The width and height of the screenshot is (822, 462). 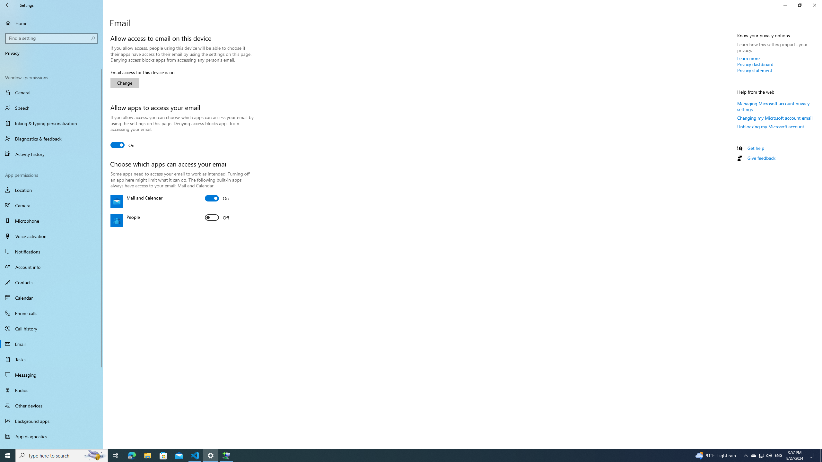 What do you see at coordinates (51, 139) in the screenshot?
I see `'Diagnostics & feedback'` at bounding box center [51, 139].